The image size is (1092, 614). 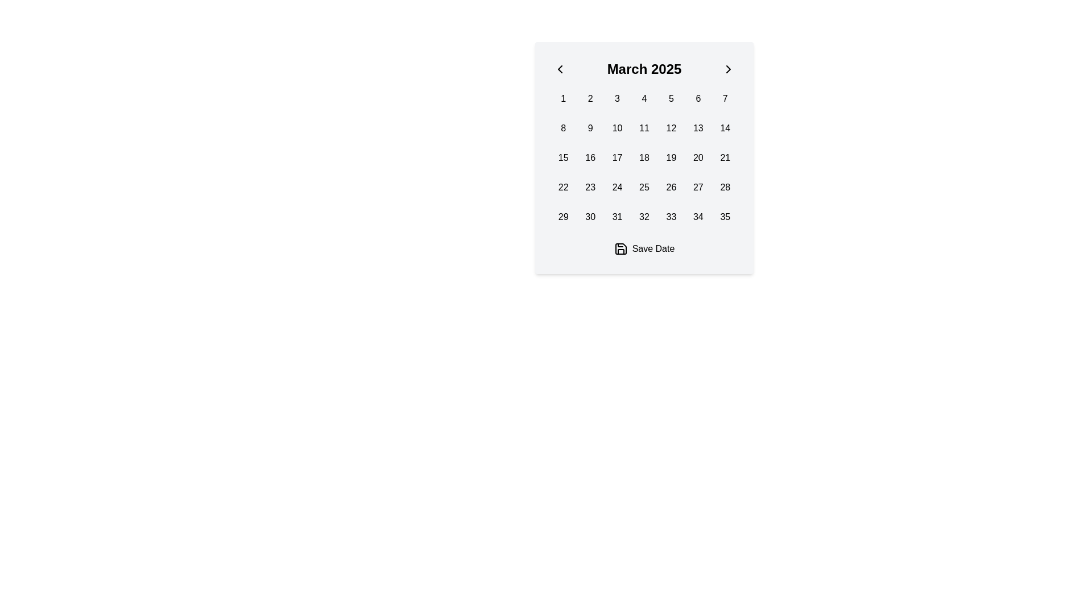 What do you see at coordinates (697, 187) in the screenshot?
I see `the button displaying the number '27', which is the 6th item in the 4th row of a 7-column grid in the calendar layout` at bounding box center [697, 187].